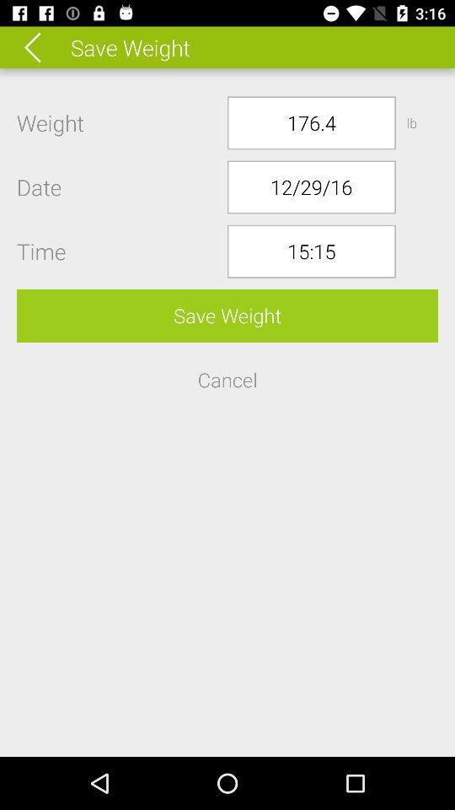 Image resolution: width=455 pixels, height=810 pixels. What do you see at coordinates (44, 46) in the screenshot?
I see `go back` at bounding box center [44, 46].